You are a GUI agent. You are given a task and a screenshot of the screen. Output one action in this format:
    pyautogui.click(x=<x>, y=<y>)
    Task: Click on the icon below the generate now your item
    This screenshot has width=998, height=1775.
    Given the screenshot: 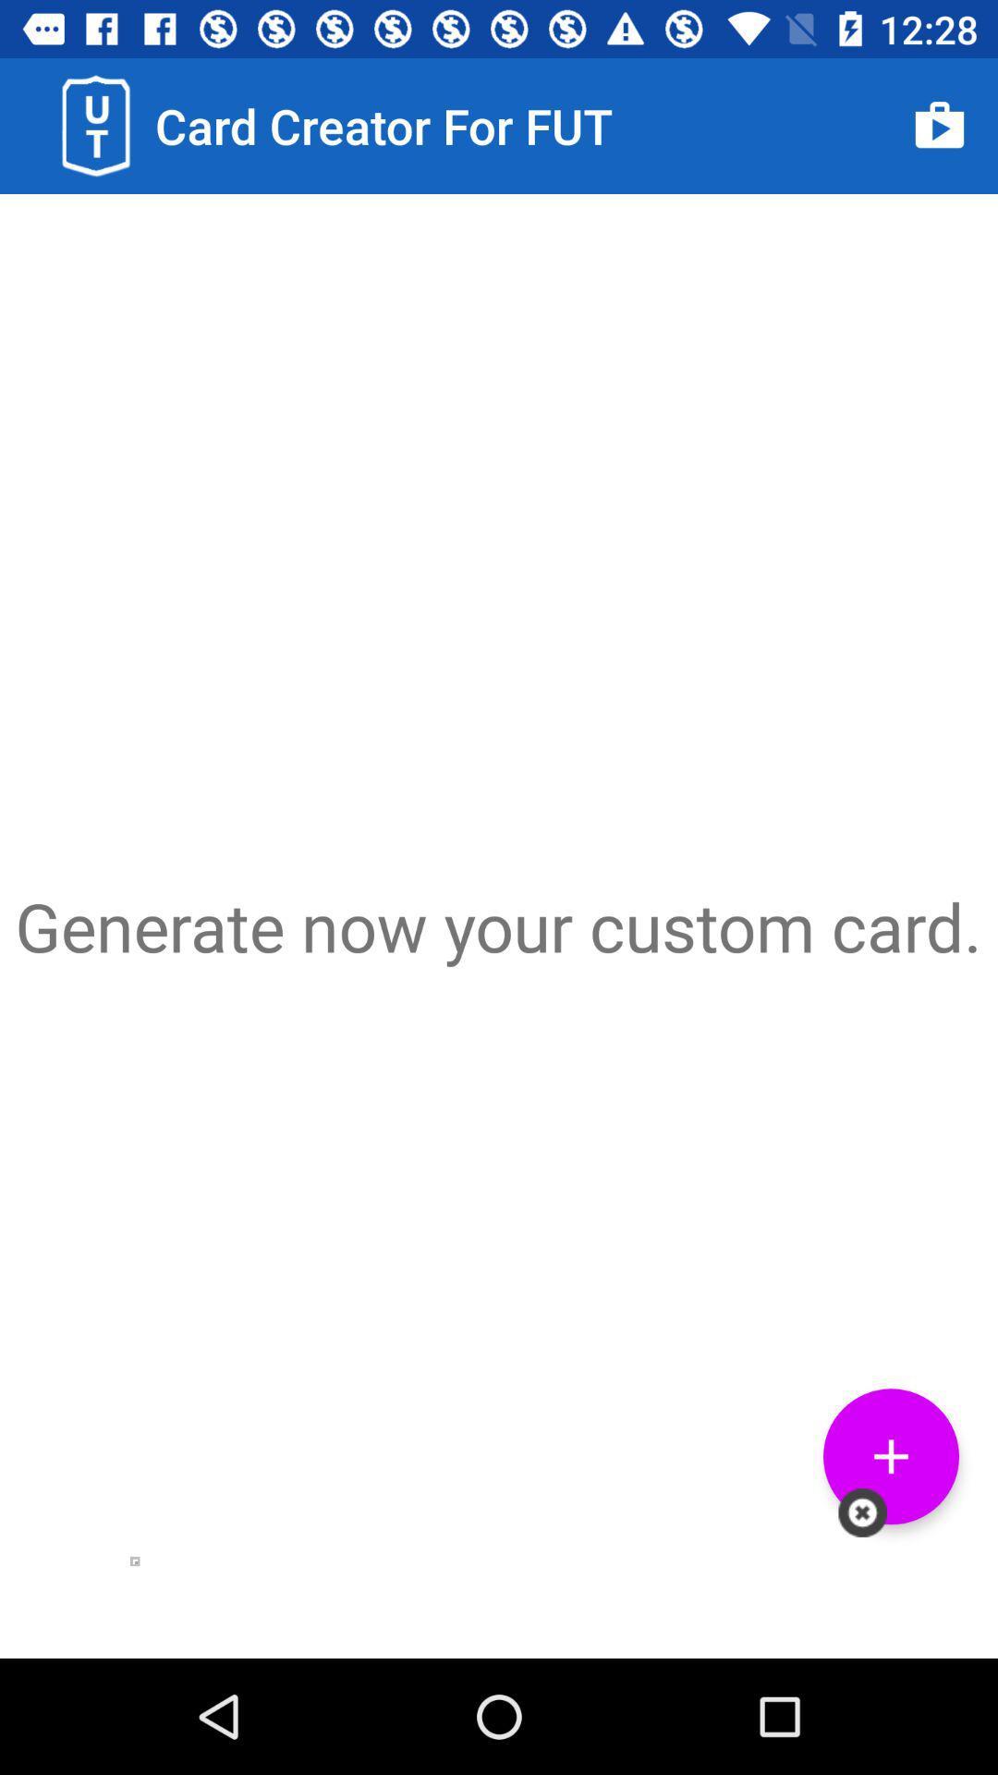 What is the action you would take?
    pyautogui.click(x=862, y=1512)
    